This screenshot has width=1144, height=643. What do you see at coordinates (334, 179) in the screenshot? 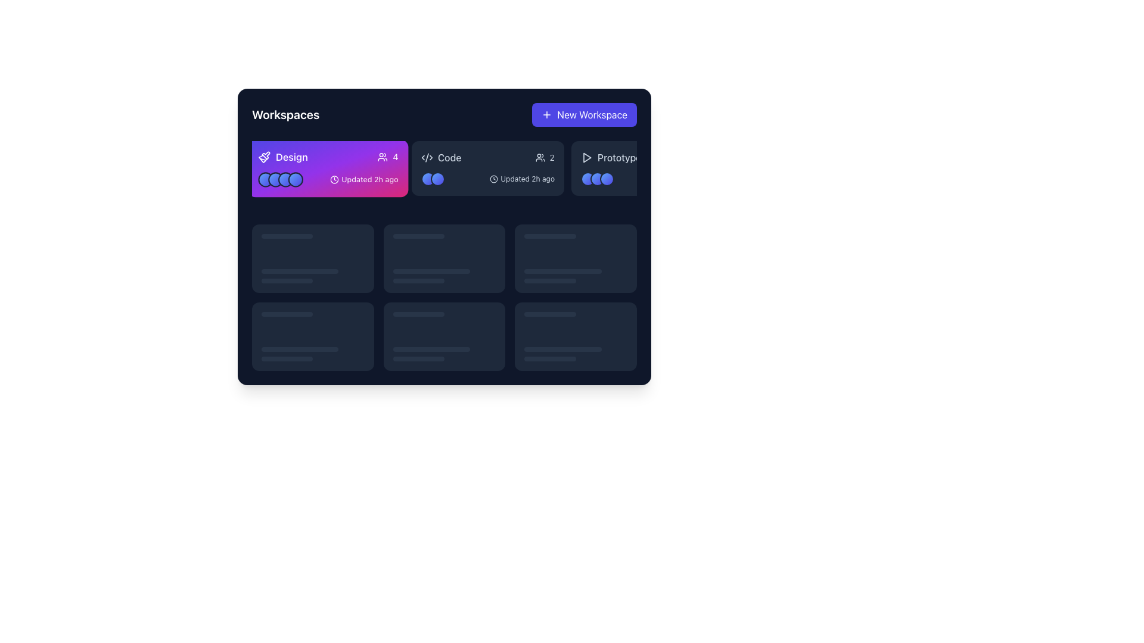
I see `the small circular clock icon with a thin white outline located to the left of the text 'Updated 2h ago' in the 'Design' section card of the 'Workspaces' interface` at bounding box center [334, 179].